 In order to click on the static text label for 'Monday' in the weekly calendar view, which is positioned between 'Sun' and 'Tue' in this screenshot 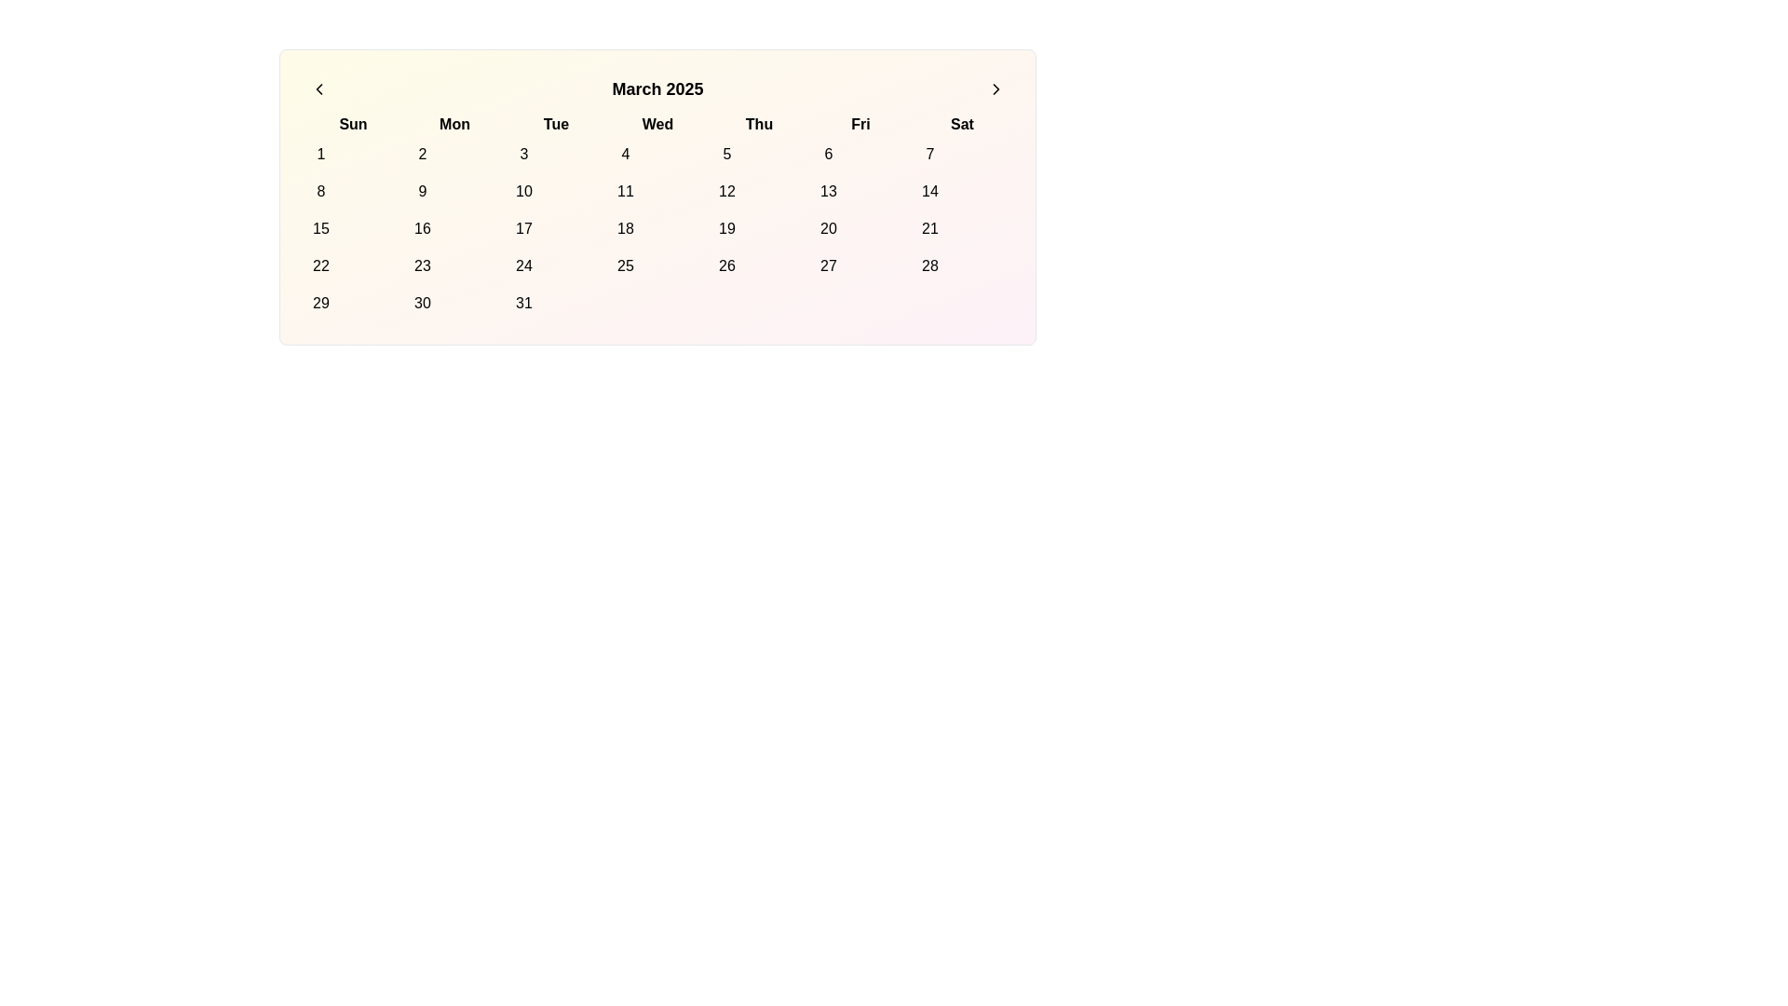, I will do `click(454, 125)`.